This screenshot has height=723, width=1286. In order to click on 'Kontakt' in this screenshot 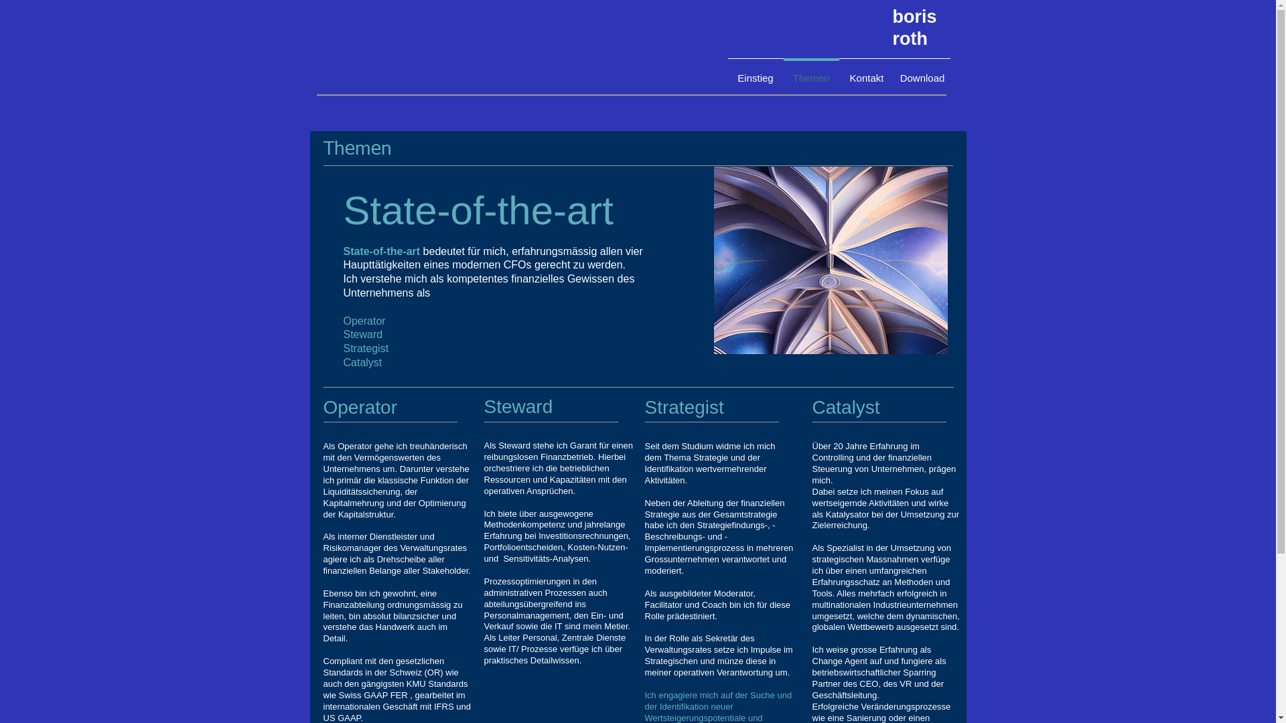, I will do `click(838, 72)`.